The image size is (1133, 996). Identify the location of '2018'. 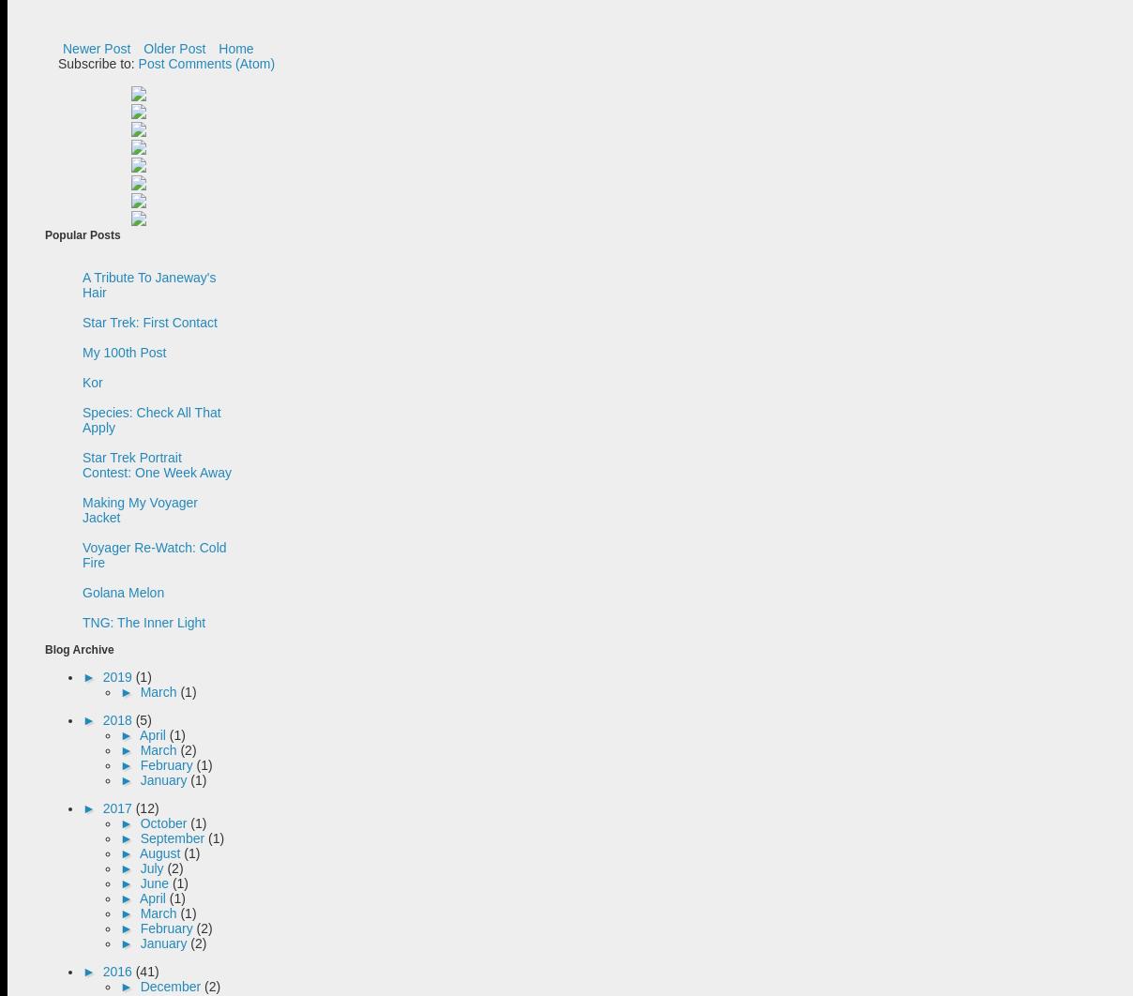
(117, 720).